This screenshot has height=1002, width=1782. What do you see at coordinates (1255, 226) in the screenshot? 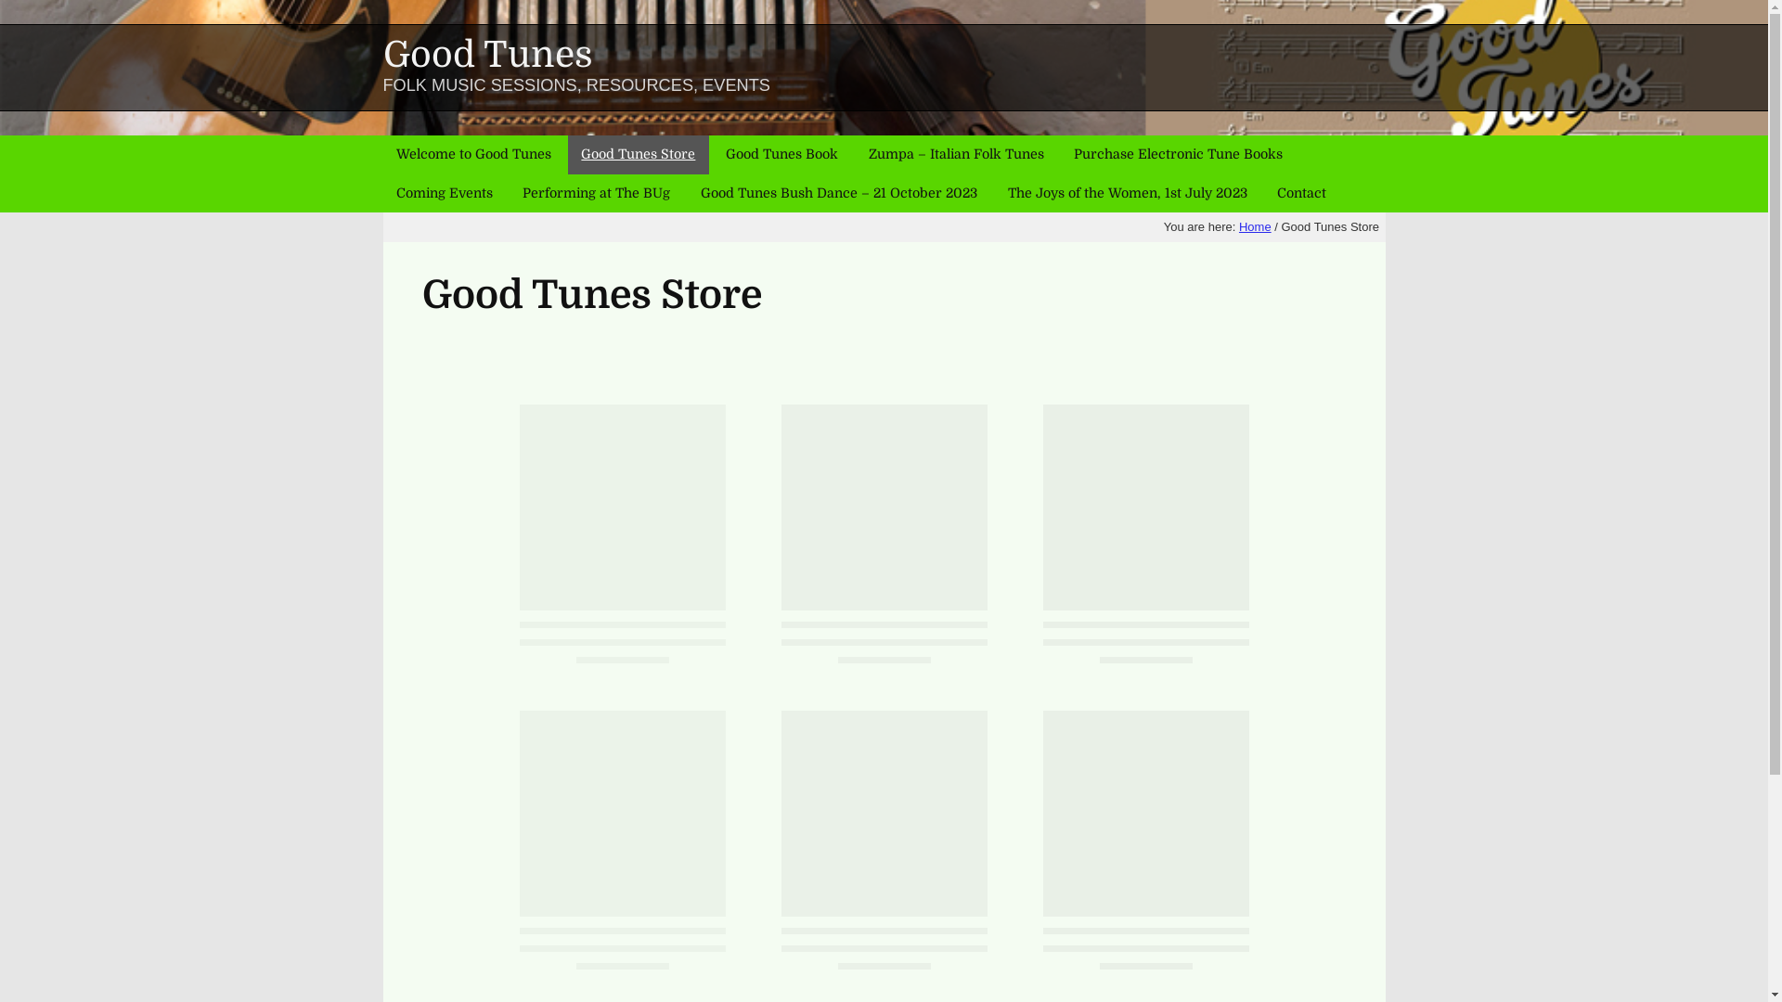
I see `'Home'` at bounding box center [1255, 226].